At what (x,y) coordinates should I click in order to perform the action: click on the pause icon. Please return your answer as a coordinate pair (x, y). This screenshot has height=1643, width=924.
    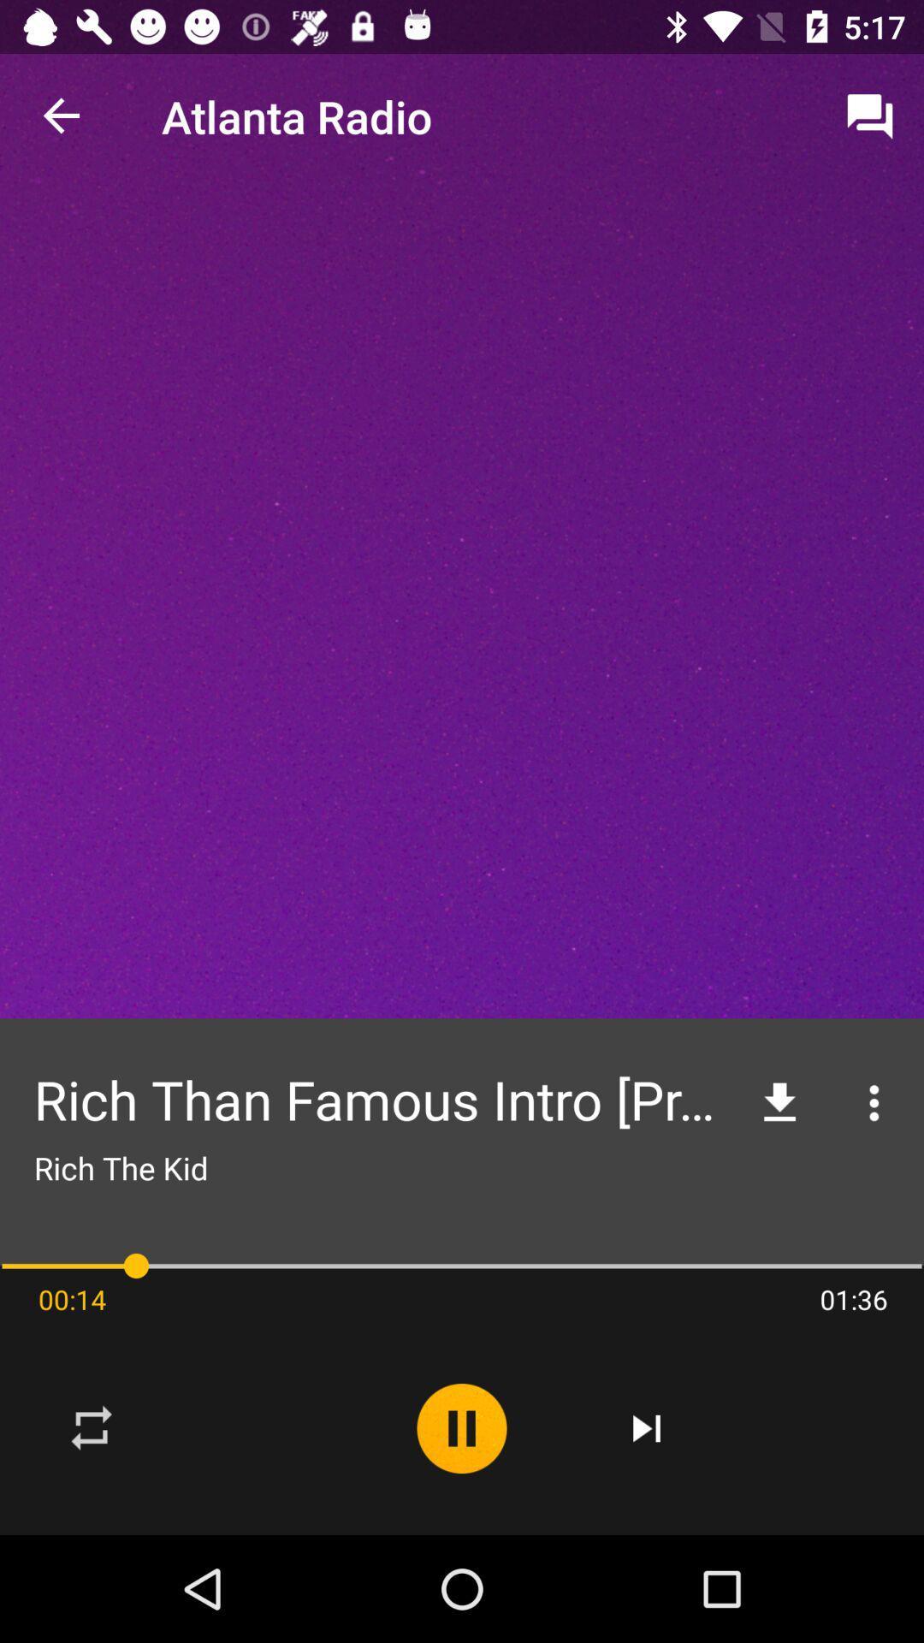
    Looking at the image, I should click on (462, 1428).